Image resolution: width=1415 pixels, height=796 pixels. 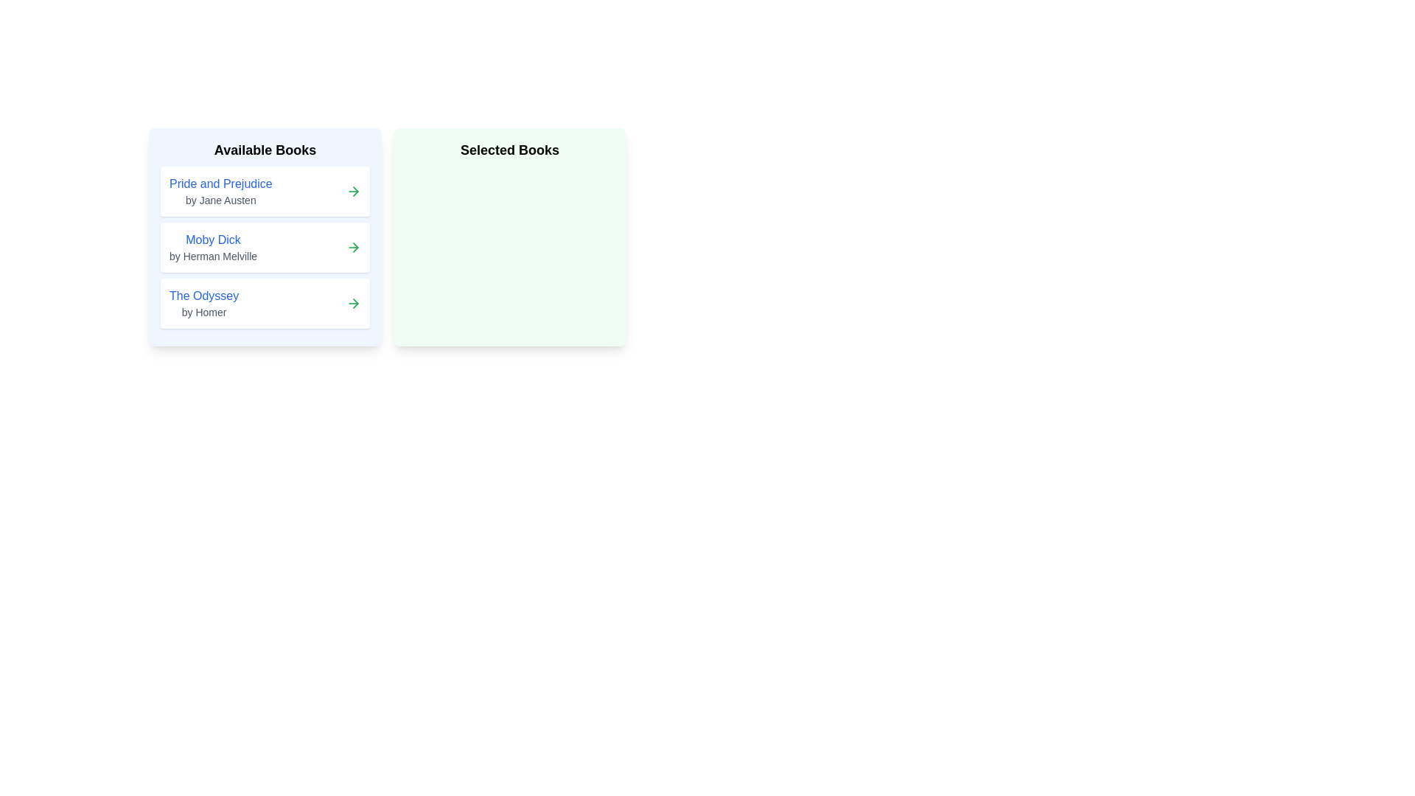 What do you see at coordinates (212, 246) in the screenshot?
I see `the content associated with the text display showing 'Moby Dick'` at bounding box center [212, 246].